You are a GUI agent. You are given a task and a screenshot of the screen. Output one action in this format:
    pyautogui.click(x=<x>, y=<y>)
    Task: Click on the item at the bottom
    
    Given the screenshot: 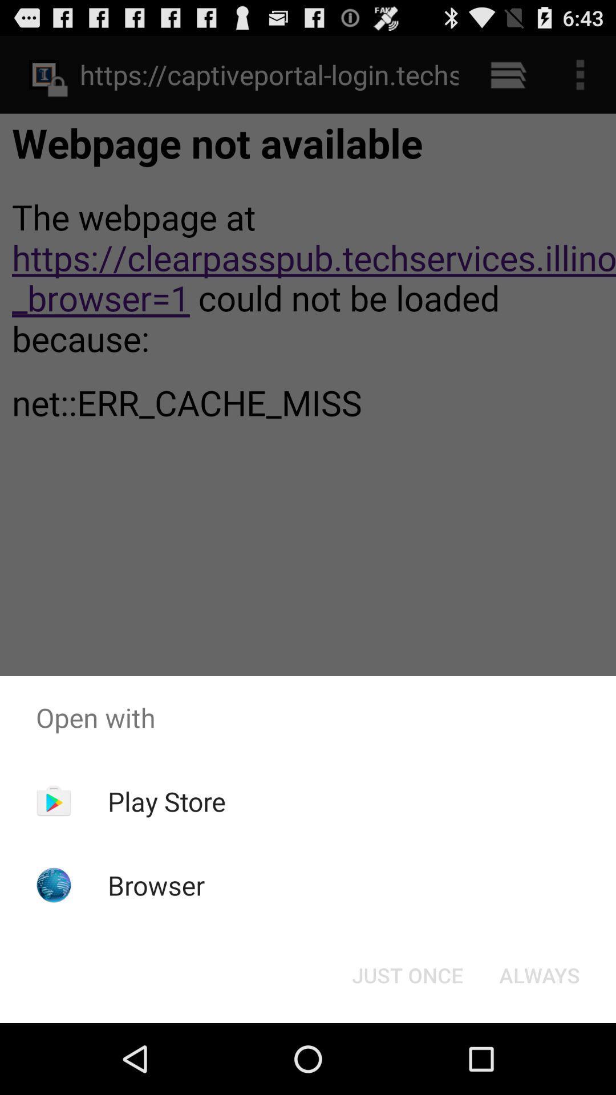 What is the action you would take?
    pyautogui.click(x=407, y=974)
    